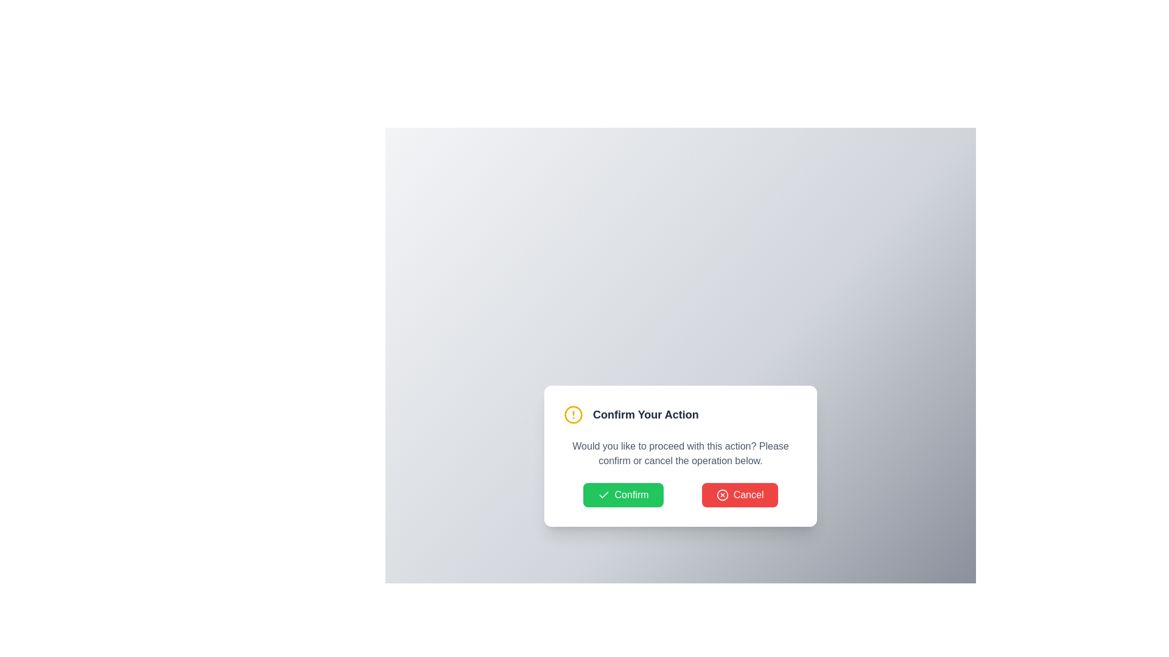  I want to click on the checkmark icon within the green 'Confirm' button in the lower section of the modal window, so click(603, 495).